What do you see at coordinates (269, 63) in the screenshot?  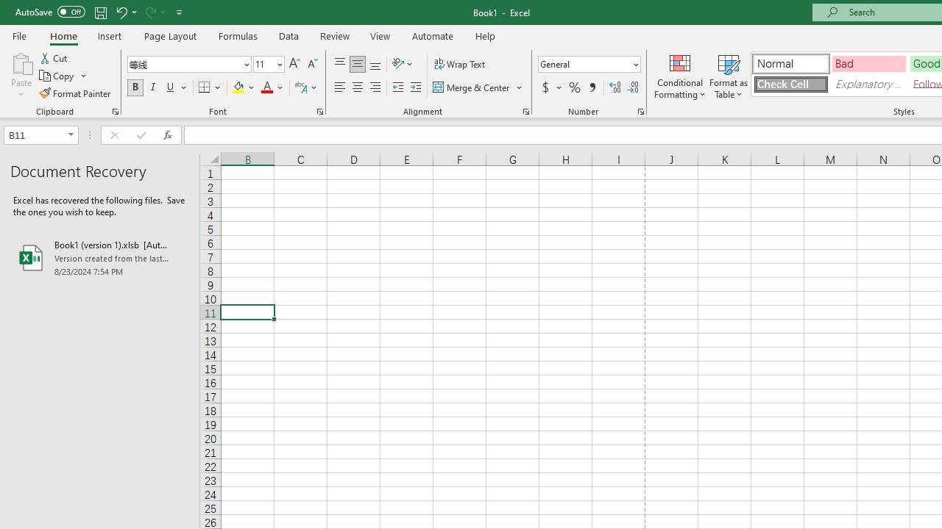 I see `'Font Size'` at bounding box center [269, 63].